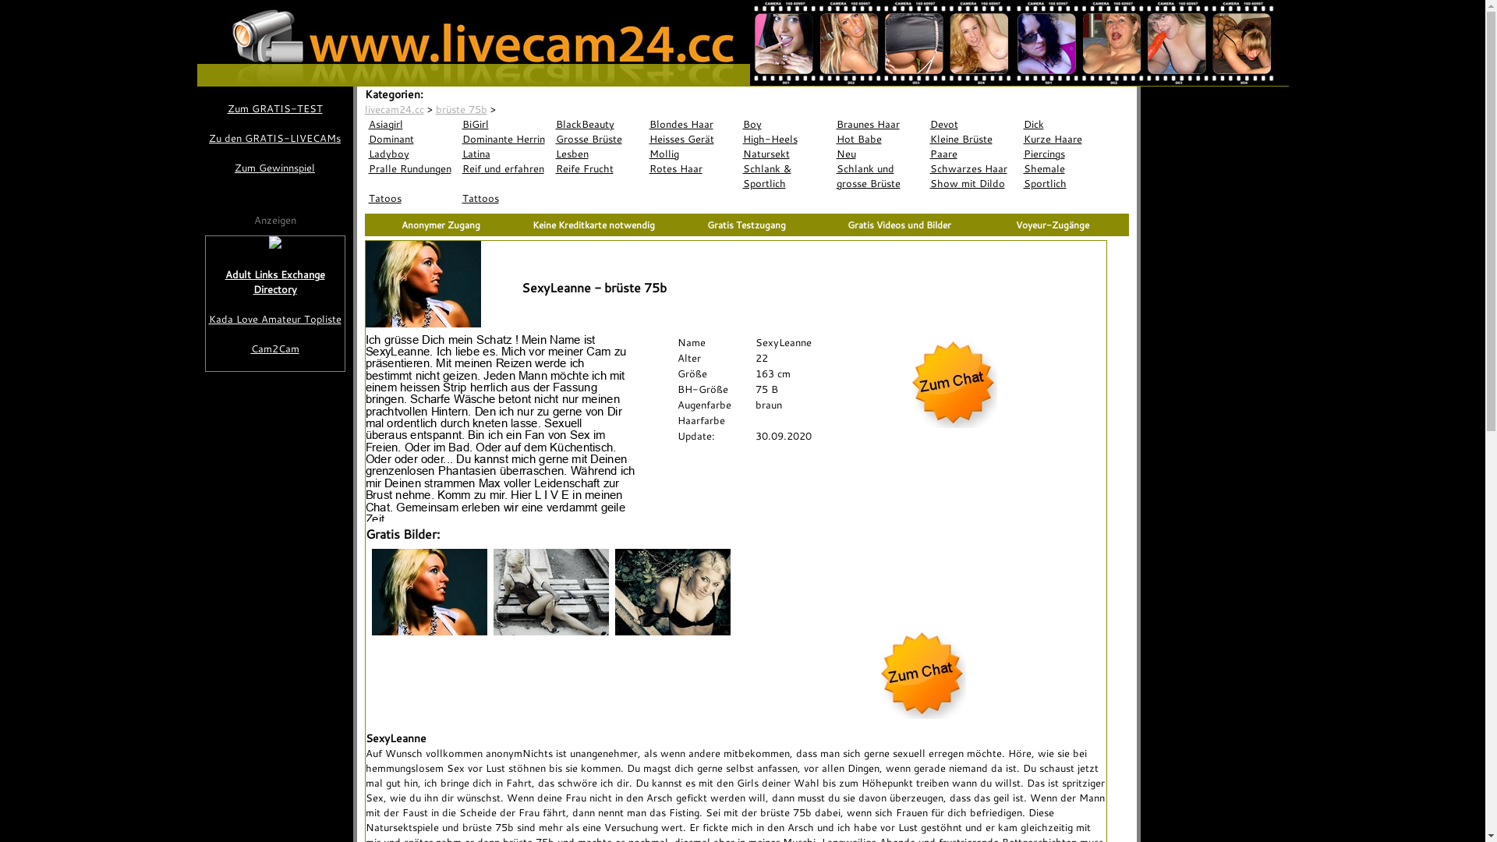 Image resolution: width=1497 pixels, height=842 pixels. What do you see at coordinates (412, 138) in the screenshot?
I see `'Dominant'` at bounding box center [412, 138].